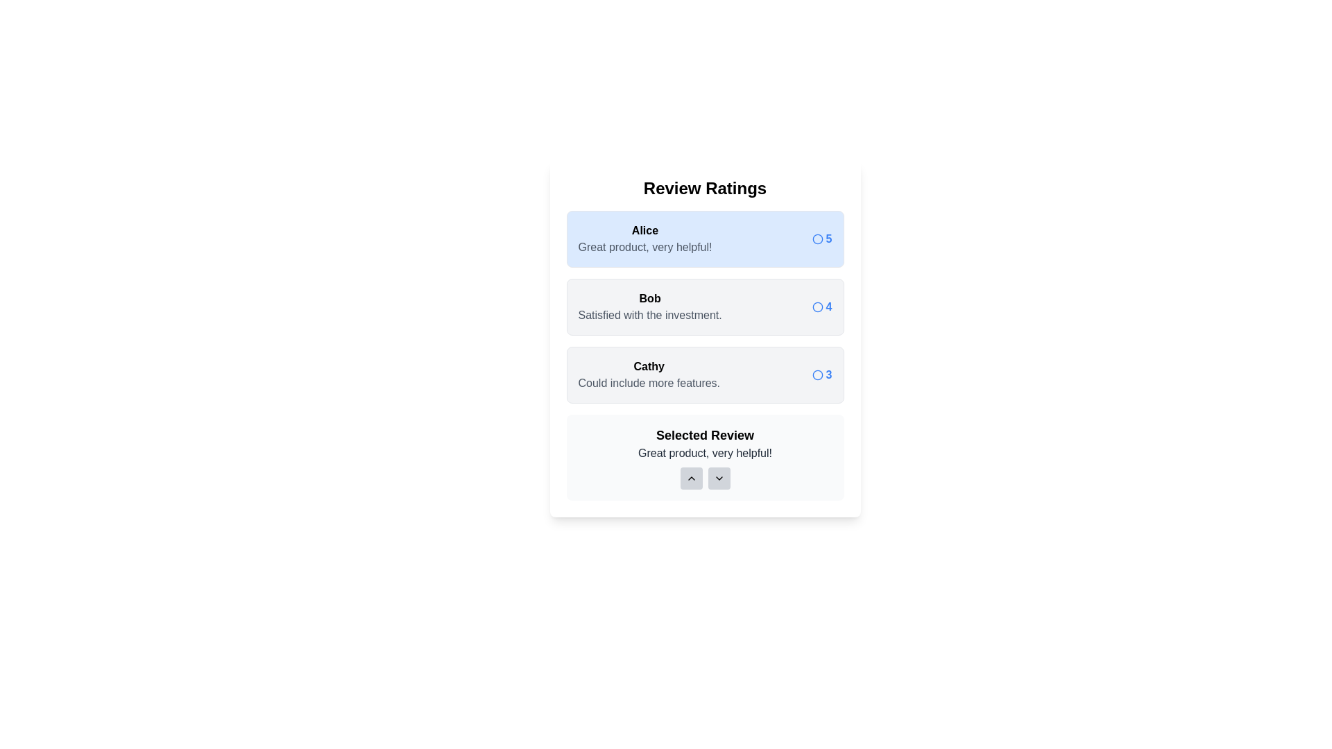 Image resolution: width=1332 pixels, height=749 pixels. Describe the element at coordinates (705, 374) in the screenshot. I see `the review with user name Cathy` at that location.